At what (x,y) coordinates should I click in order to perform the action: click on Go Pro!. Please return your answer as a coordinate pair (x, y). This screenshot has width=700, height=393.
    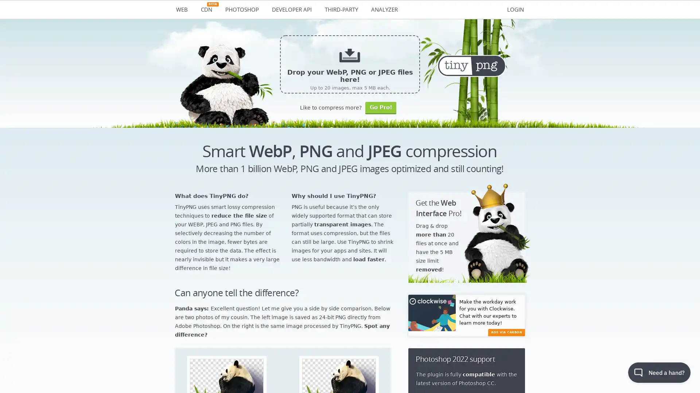
    Looking at the image, I should click on (380, 108).